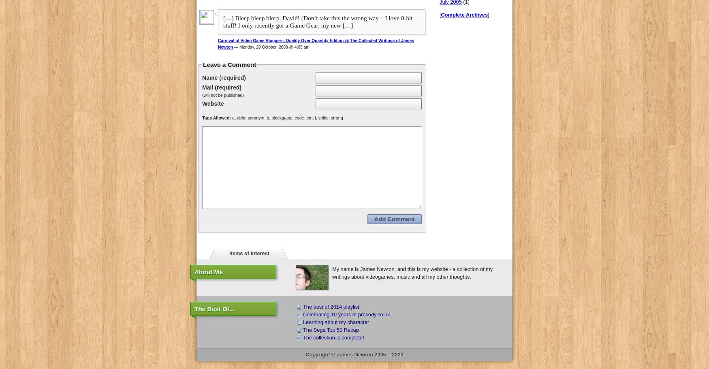 This screenshot has width=709, height=369. I want to click on '[', so click(440, 14).